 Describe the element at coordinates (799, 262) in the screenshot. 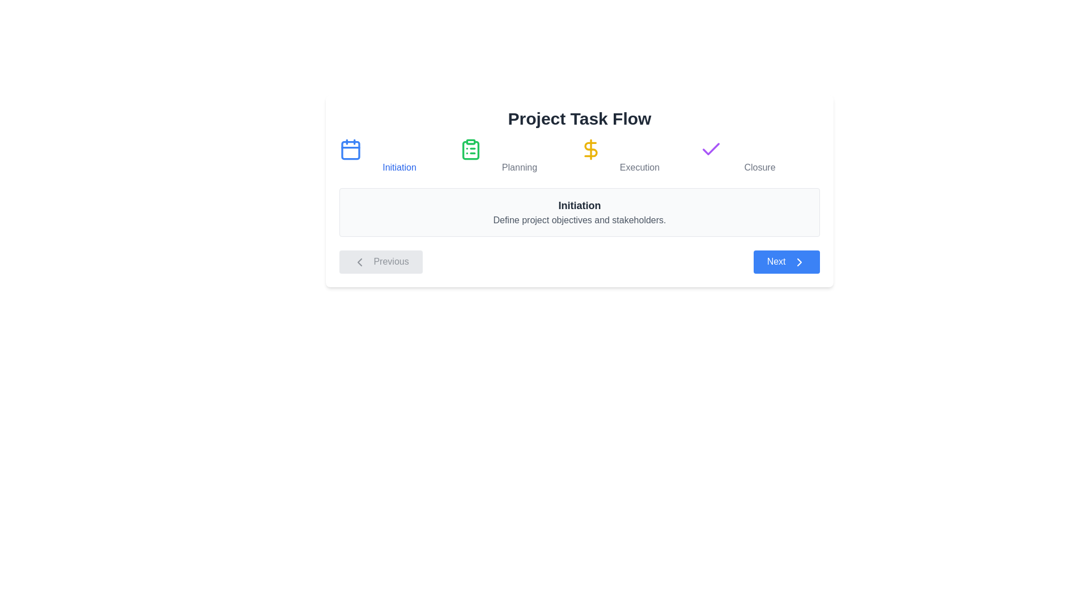

I see `the visual indicator icon located within the 'Next' button in the lower-right corner of the layout, which suggests forward navigation` at that location.